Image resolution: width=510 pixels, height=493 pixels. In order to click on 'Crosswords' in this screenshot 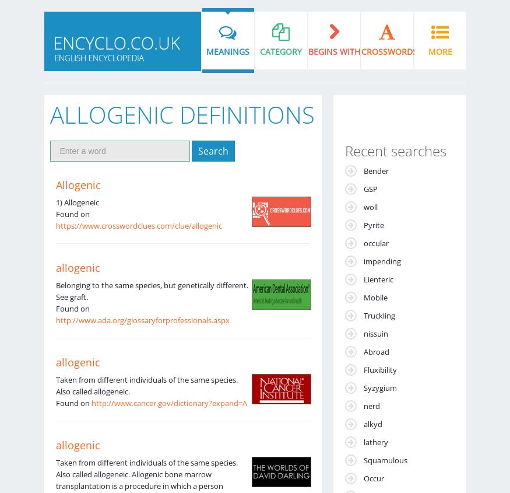, I will do `click(388, 51)`.